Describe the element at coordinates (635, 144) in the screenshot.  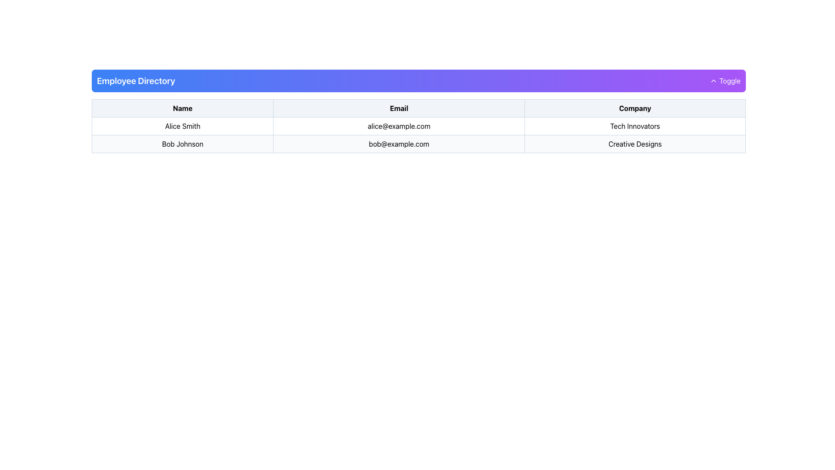
I see `the Text Display Box that shows the company associated with employee Bob Johnson in the directory table` at that location.